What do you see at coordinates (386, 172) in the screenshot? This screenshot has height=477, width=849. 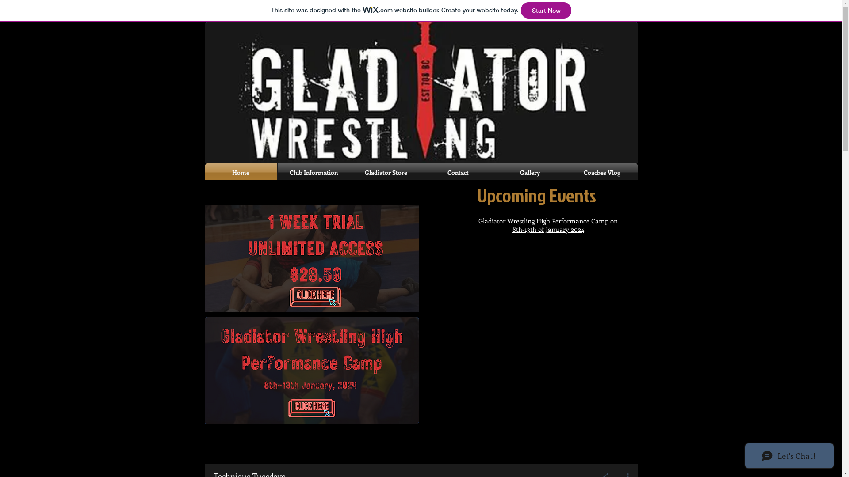 I see `'Gladiator Store'` at bounding box center [386, 172].